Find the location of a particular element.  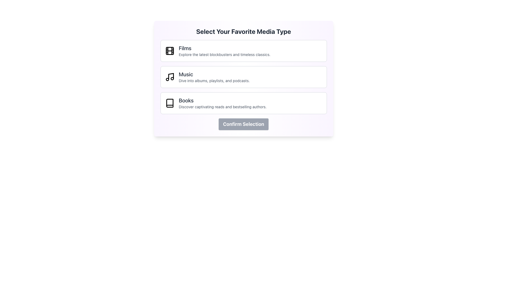

to select the 'Music' card, which is the second card in a vertically stacked group of three, featuring a bold title and a musical note icon is located at coordinates (243, 77).